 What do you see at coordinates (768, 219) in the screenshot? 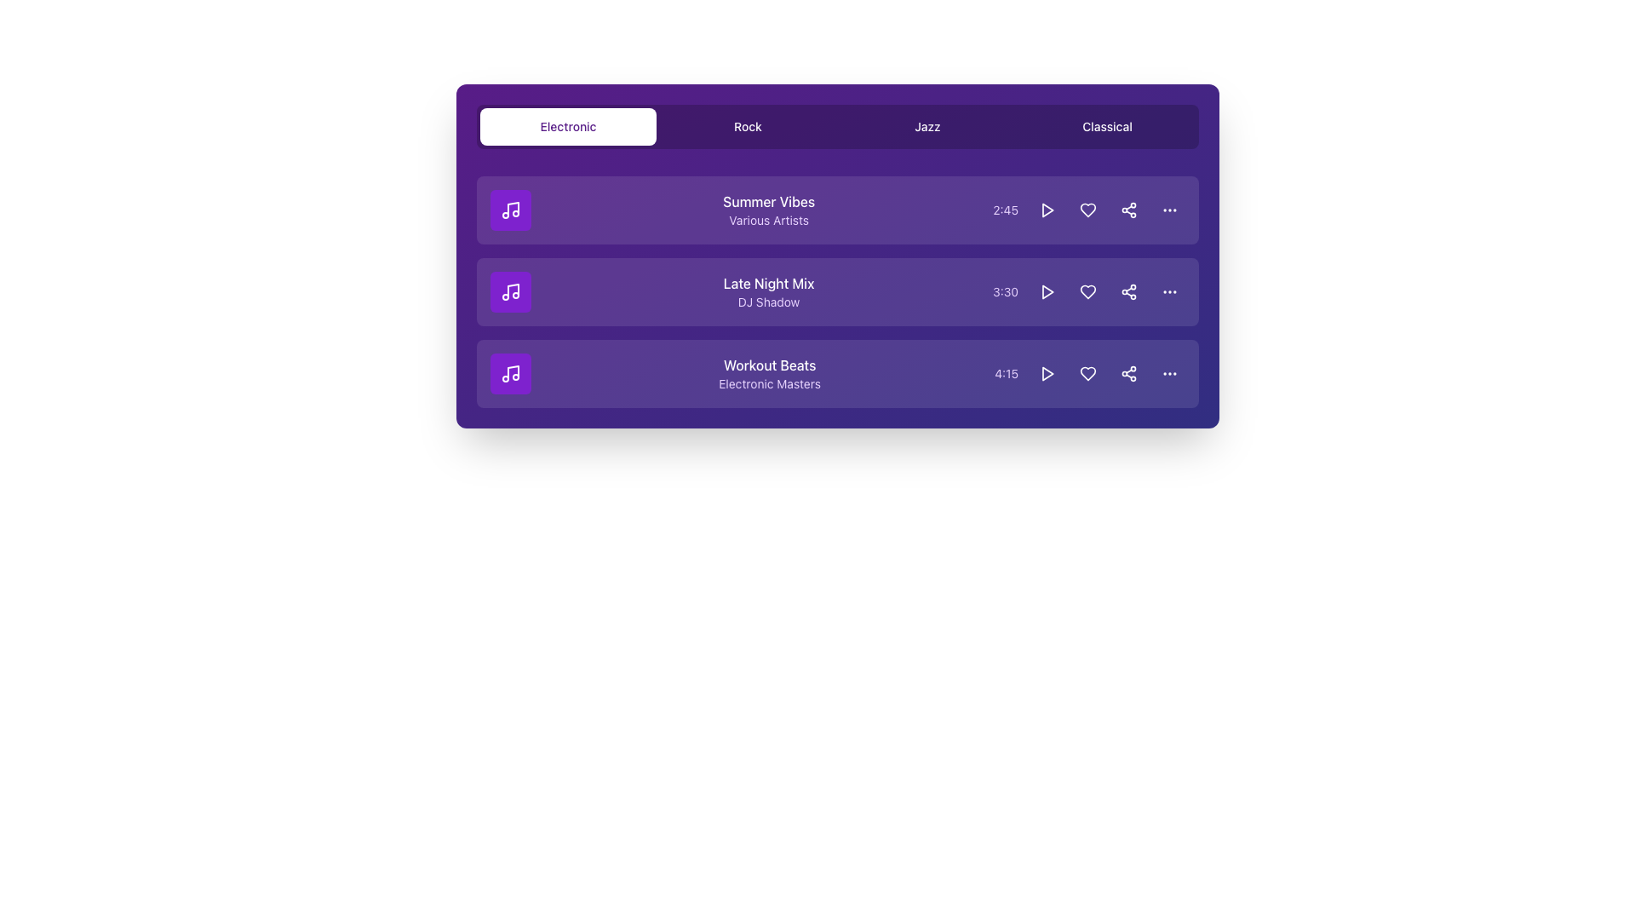
I see `the text label displaying 'Various Artists', which is located directly below the 'Summer Vibes' label in a box with a purple gradient background` at bounding box center [768, 219].